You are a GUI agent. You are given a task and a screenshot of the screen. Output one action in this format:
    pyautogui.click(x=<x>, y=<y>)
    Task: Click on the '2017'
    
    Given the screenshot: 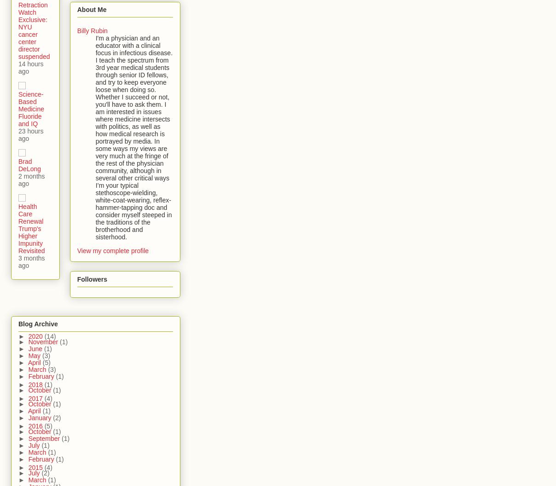 What is the action you would take?
    pyautogui.click(x=28, y=398)
    